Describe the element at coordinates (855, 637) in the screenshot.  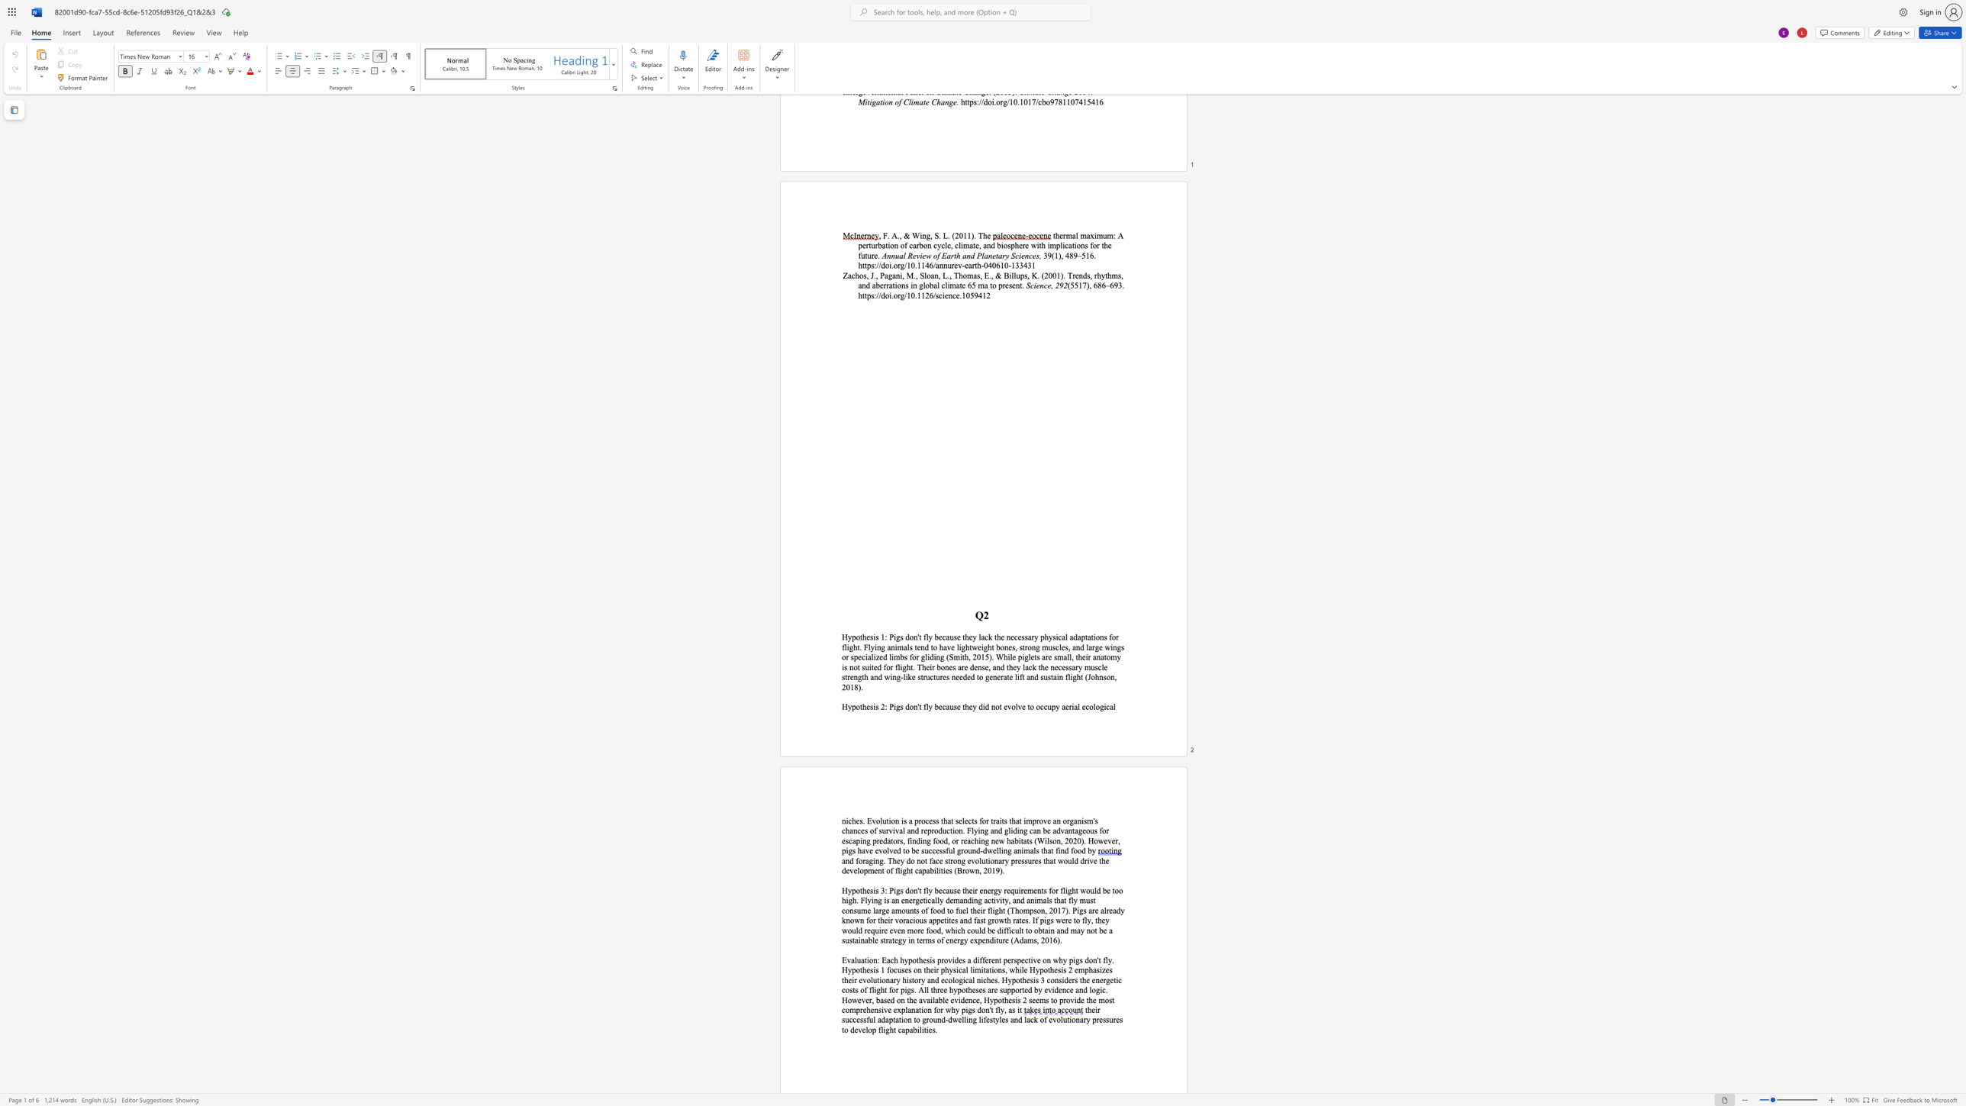
I see `the subset text "othesi" within the text "Hypothesis 1: Pigs"` at that location.